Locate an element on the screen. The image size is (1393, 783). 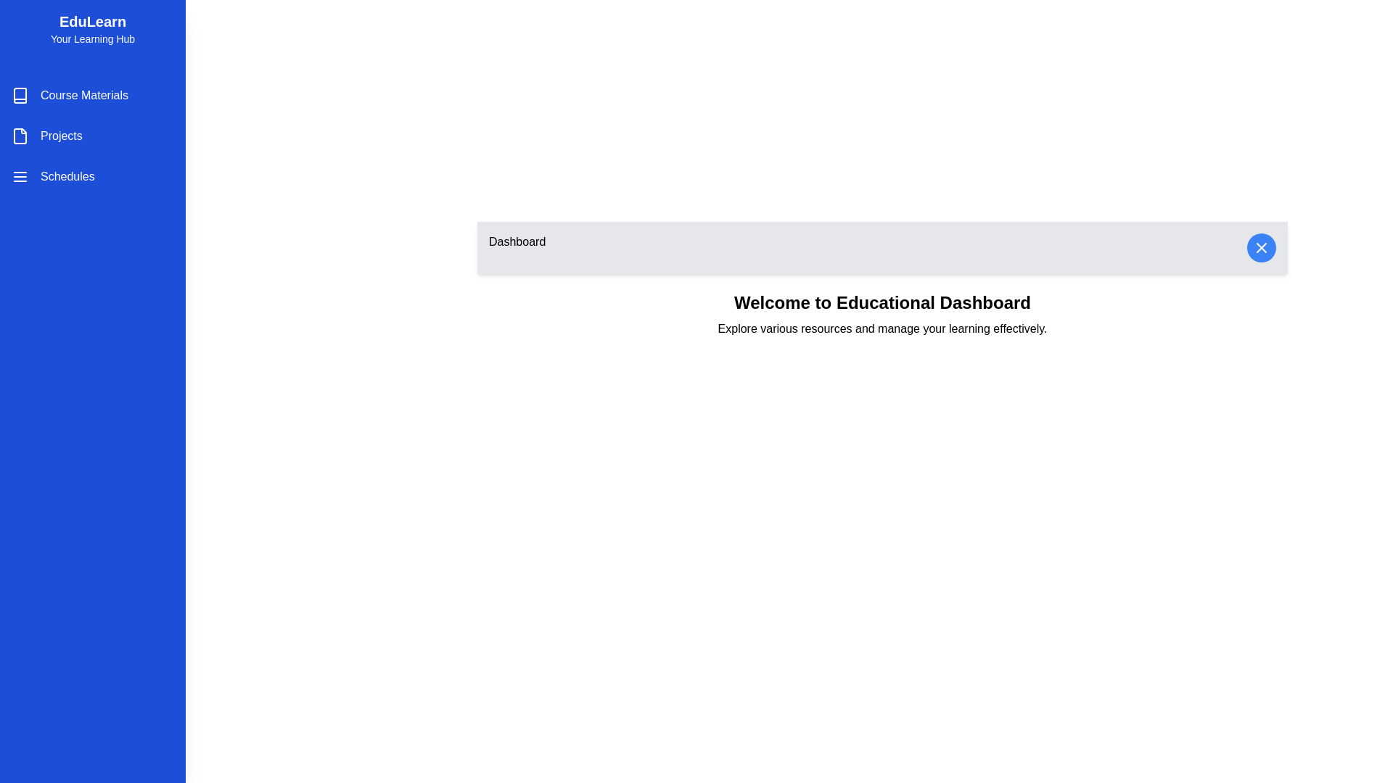
the round blue button with an 'X' icon in the top-right corner of the gray header bar is located at coordinates (1260, 247).